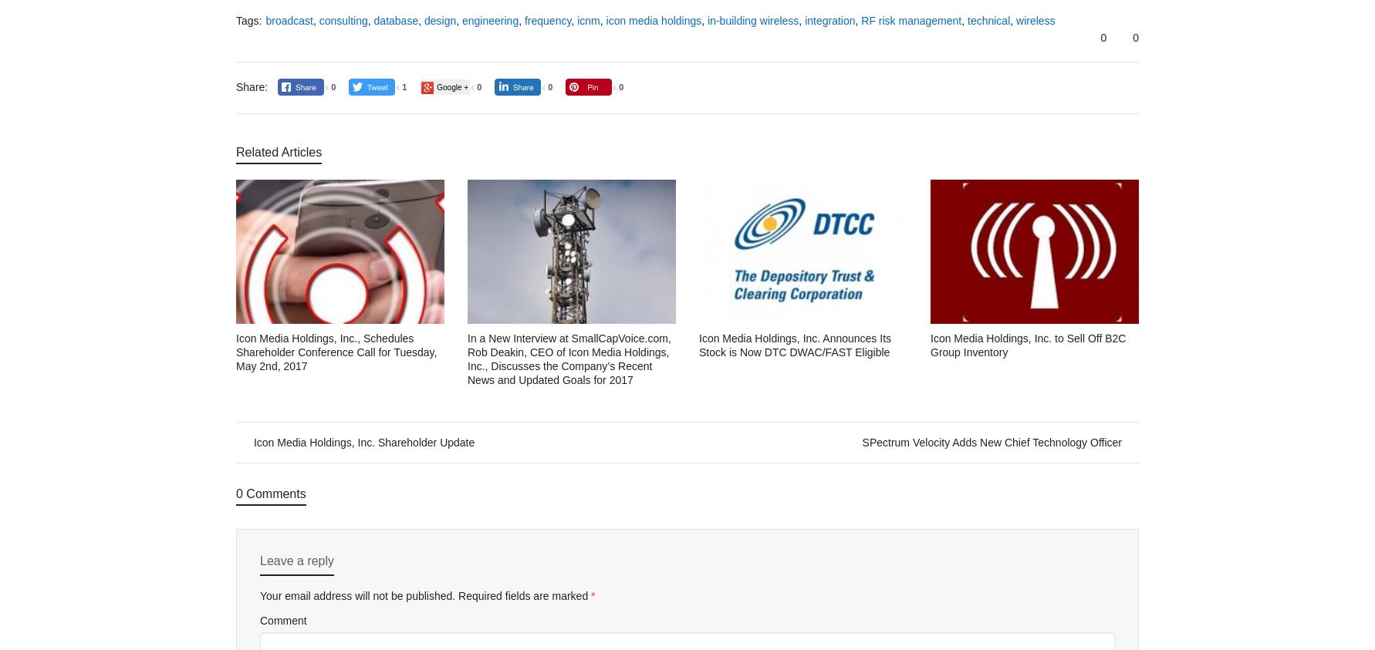 This screenshot has height=650, width=1375. What do you see at coordinates (440, 19) in the screenshot?
I see `'design'` at bounding box center [440, 19].